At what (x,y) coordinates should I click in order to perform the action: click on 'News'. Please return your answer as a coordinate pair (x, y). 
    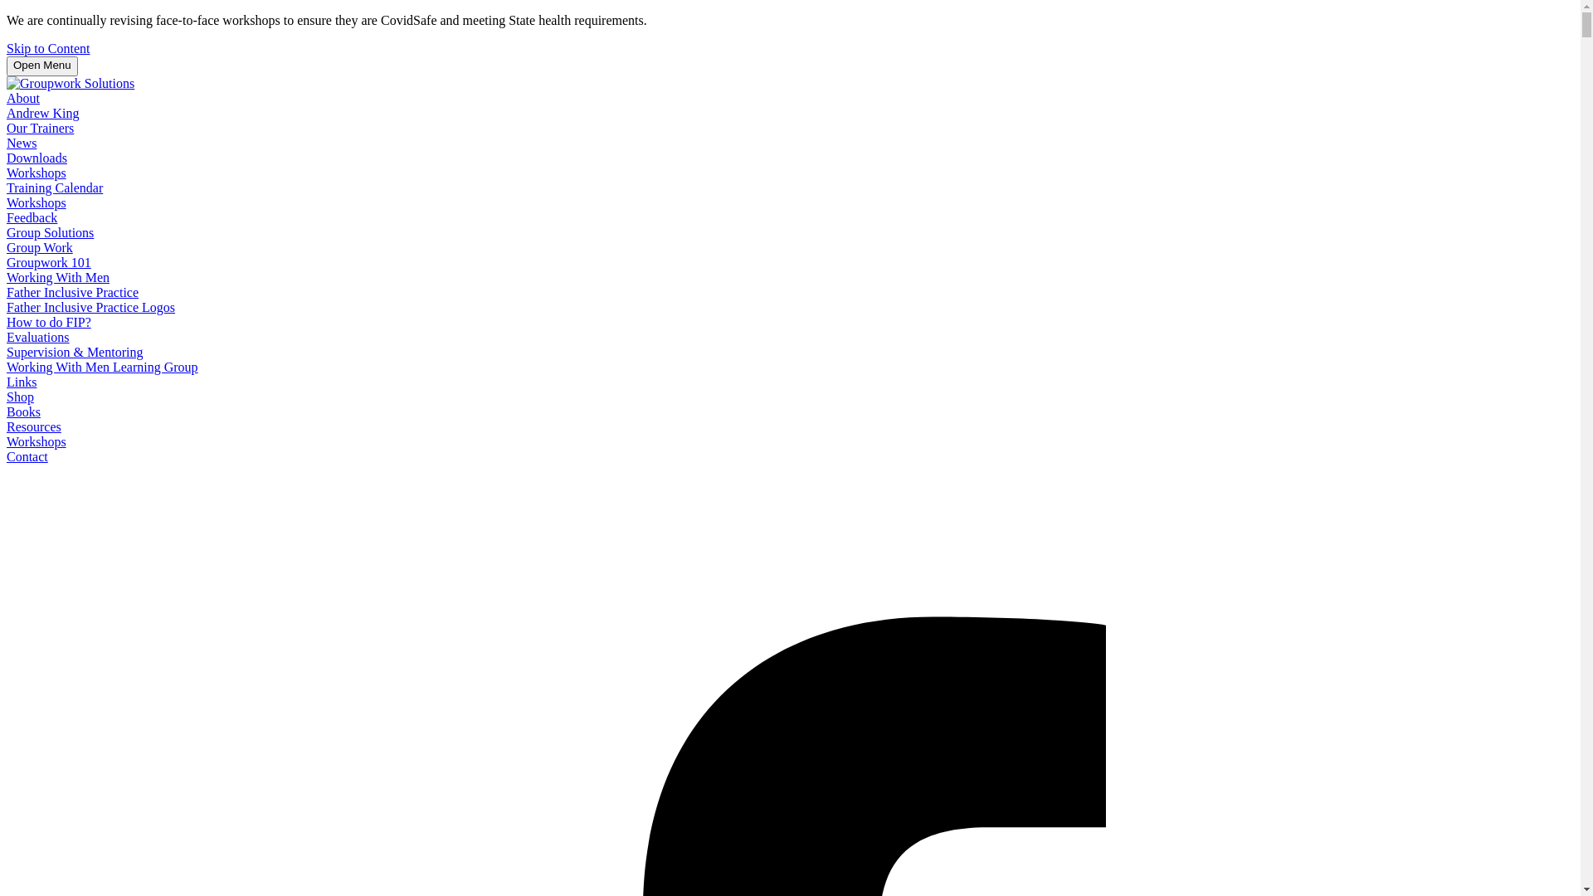
    Looking at the image, I should click on (21, 142).